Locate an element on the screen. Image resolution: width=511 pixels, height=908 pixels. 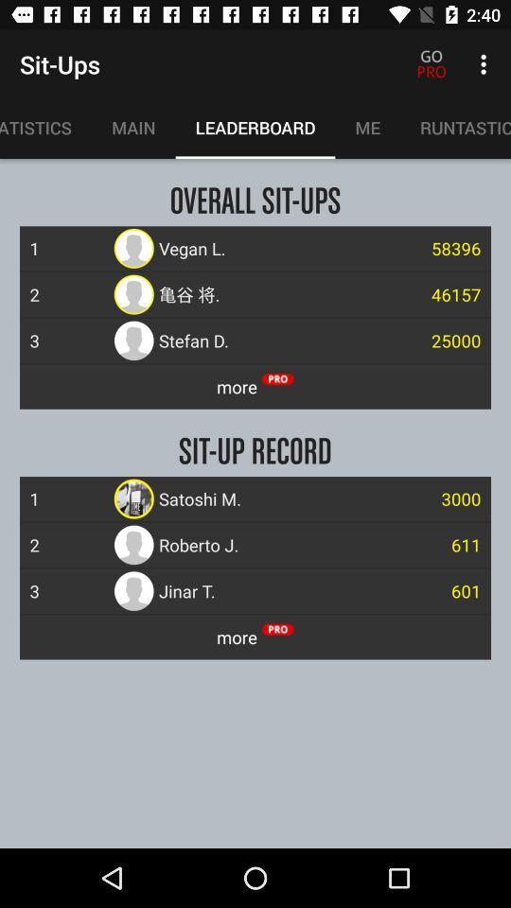
the app below the sit-ups item is located at coordinates (45, 127).